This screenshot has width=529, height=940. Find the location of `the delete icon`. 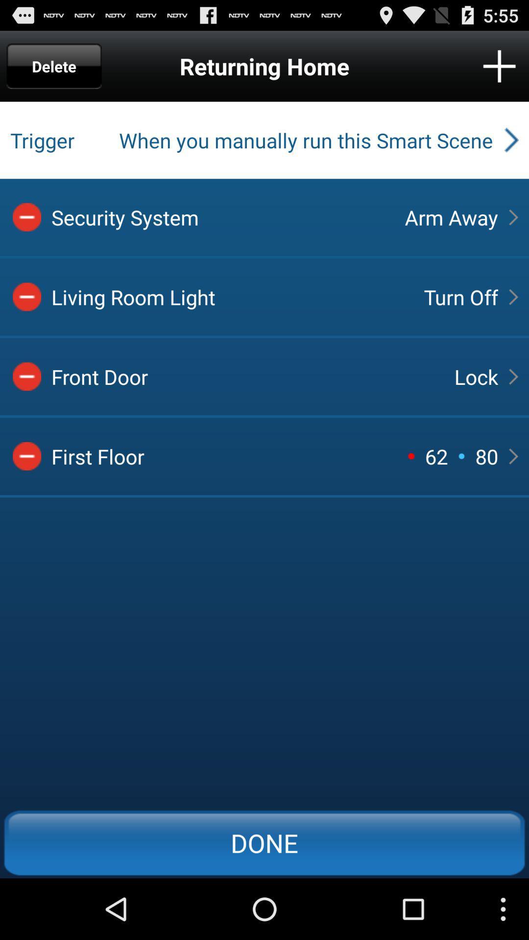

the delete icon is located at coordinates (54, 66).